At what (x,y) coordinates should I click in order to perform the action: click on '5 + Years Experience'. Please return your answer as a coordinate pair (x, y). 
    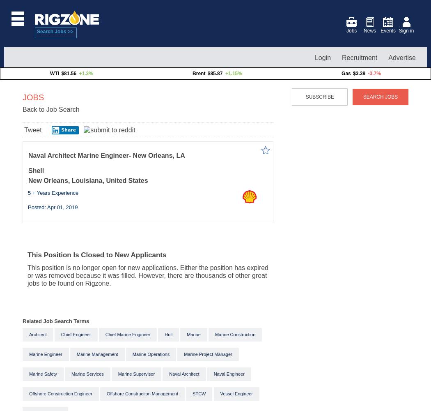
    Looking at the image, I should click on (53, 192).